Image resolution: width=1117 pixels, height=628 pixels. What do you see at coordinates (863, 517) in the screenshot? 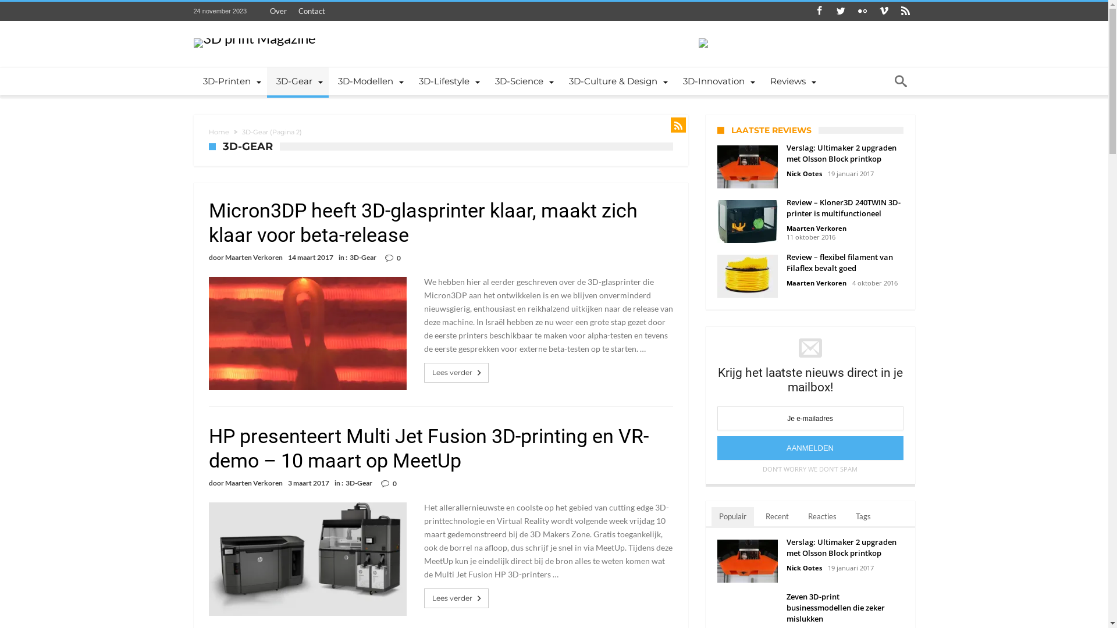
I see `'Tags'` at bounding box center [863, 517].